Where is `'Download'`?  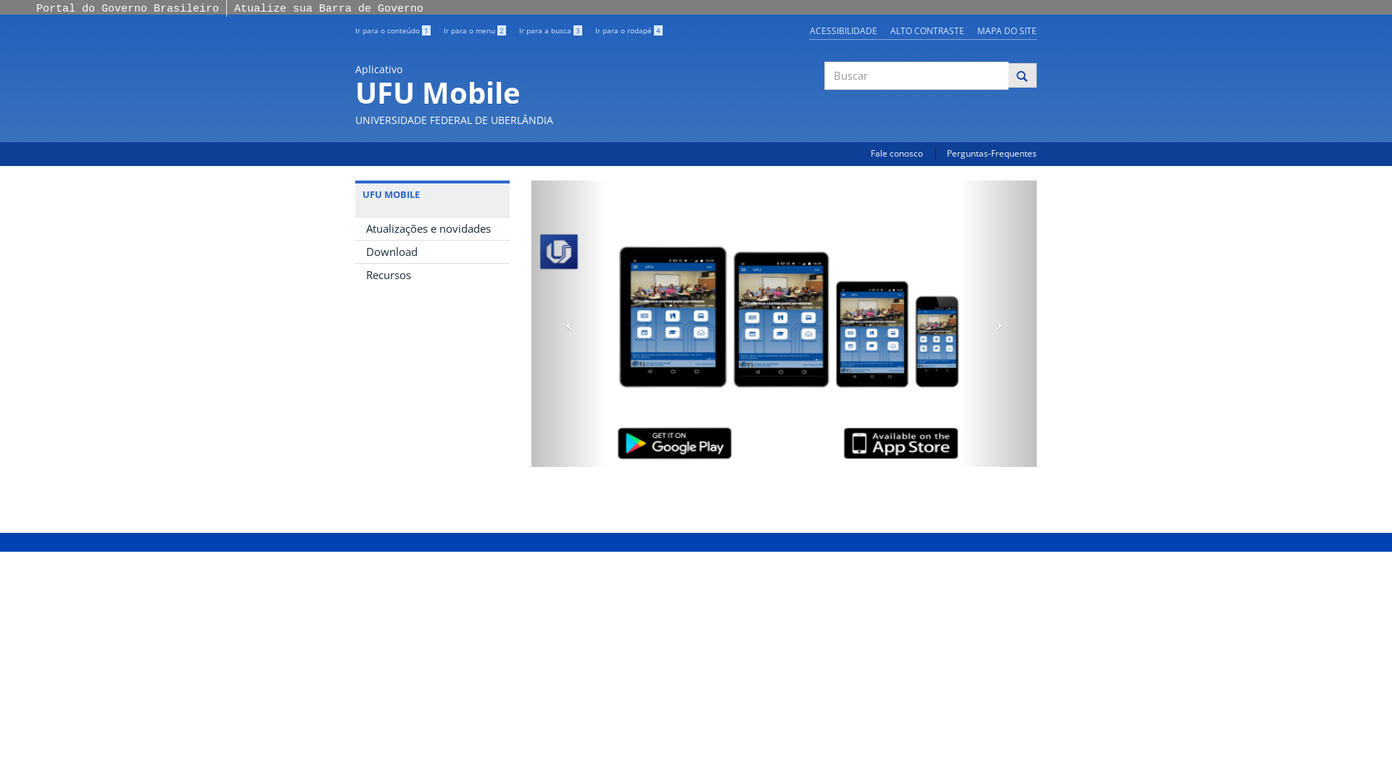 'Download' is located at coordinates (431, 251).